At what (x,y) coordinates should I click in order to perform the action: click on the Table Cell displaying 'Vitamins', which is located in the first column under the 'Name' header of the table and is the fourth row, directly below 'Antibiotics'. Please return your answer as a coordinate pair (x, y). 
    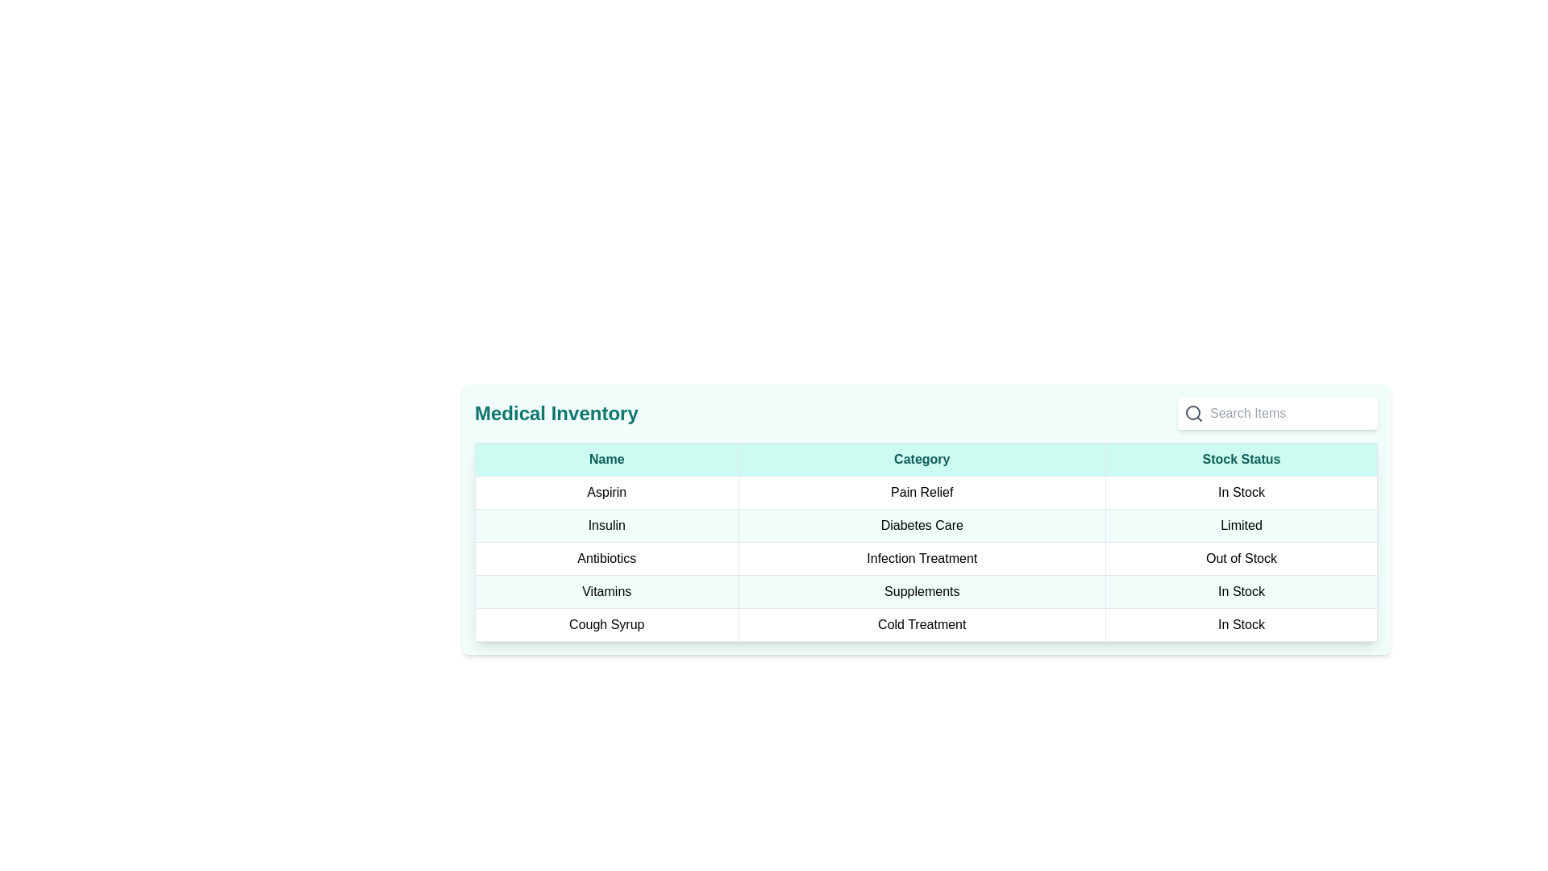
    Looking at the image, I should click on (605, 591).